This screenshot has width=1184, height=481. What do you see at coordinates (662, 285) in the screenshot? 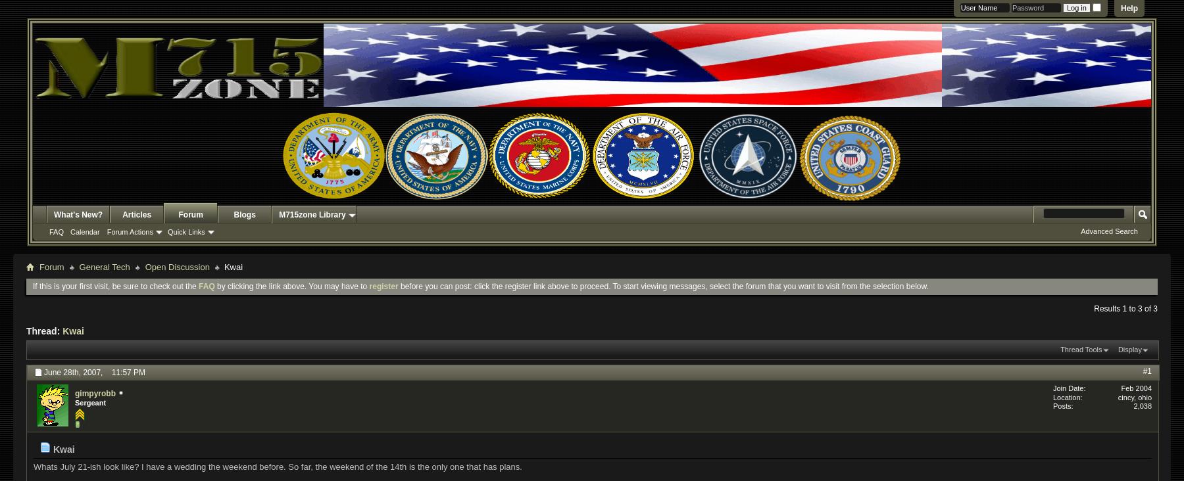
I see `'before you can post: click the register link above to proceed. To start viewing messages,
		select the forum that you want to visit from the selection below.'` at bounding box center [662, 285].